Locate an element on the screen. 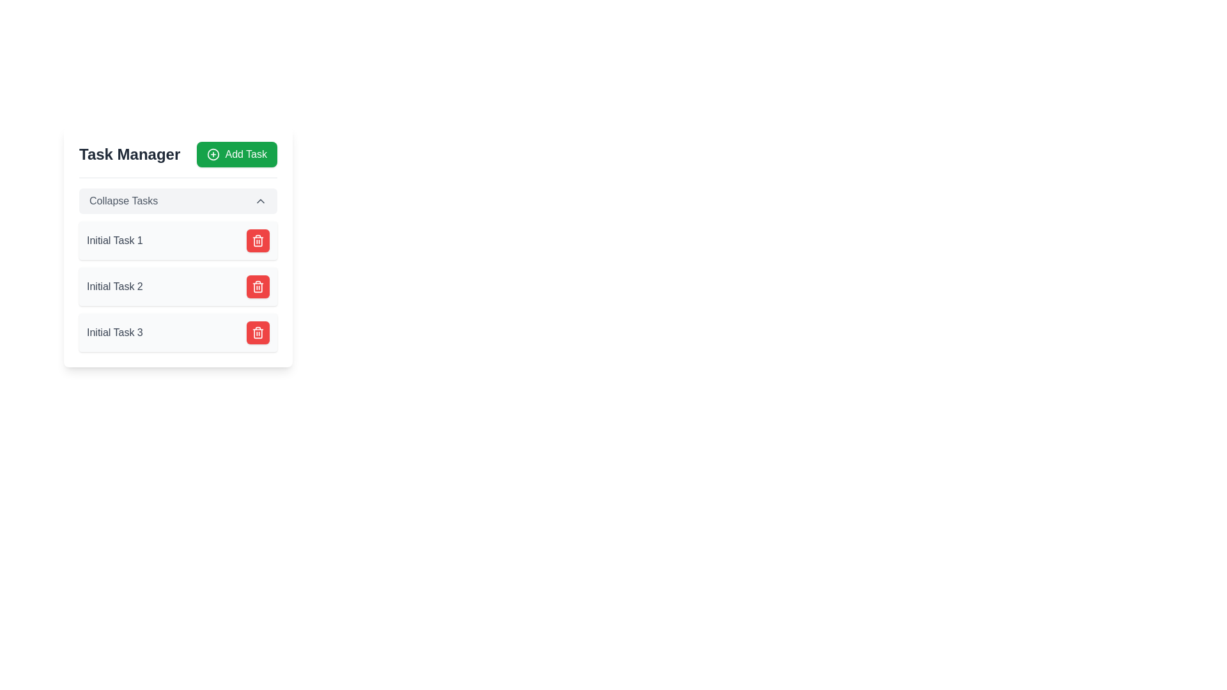 The width and height of the screenshot is (1227, 690). the circle outline graphic element that represents functionality or status, located to the left of the 'Add Task' button in the 'Task Manager' widget is located at coordinates (213, 154).